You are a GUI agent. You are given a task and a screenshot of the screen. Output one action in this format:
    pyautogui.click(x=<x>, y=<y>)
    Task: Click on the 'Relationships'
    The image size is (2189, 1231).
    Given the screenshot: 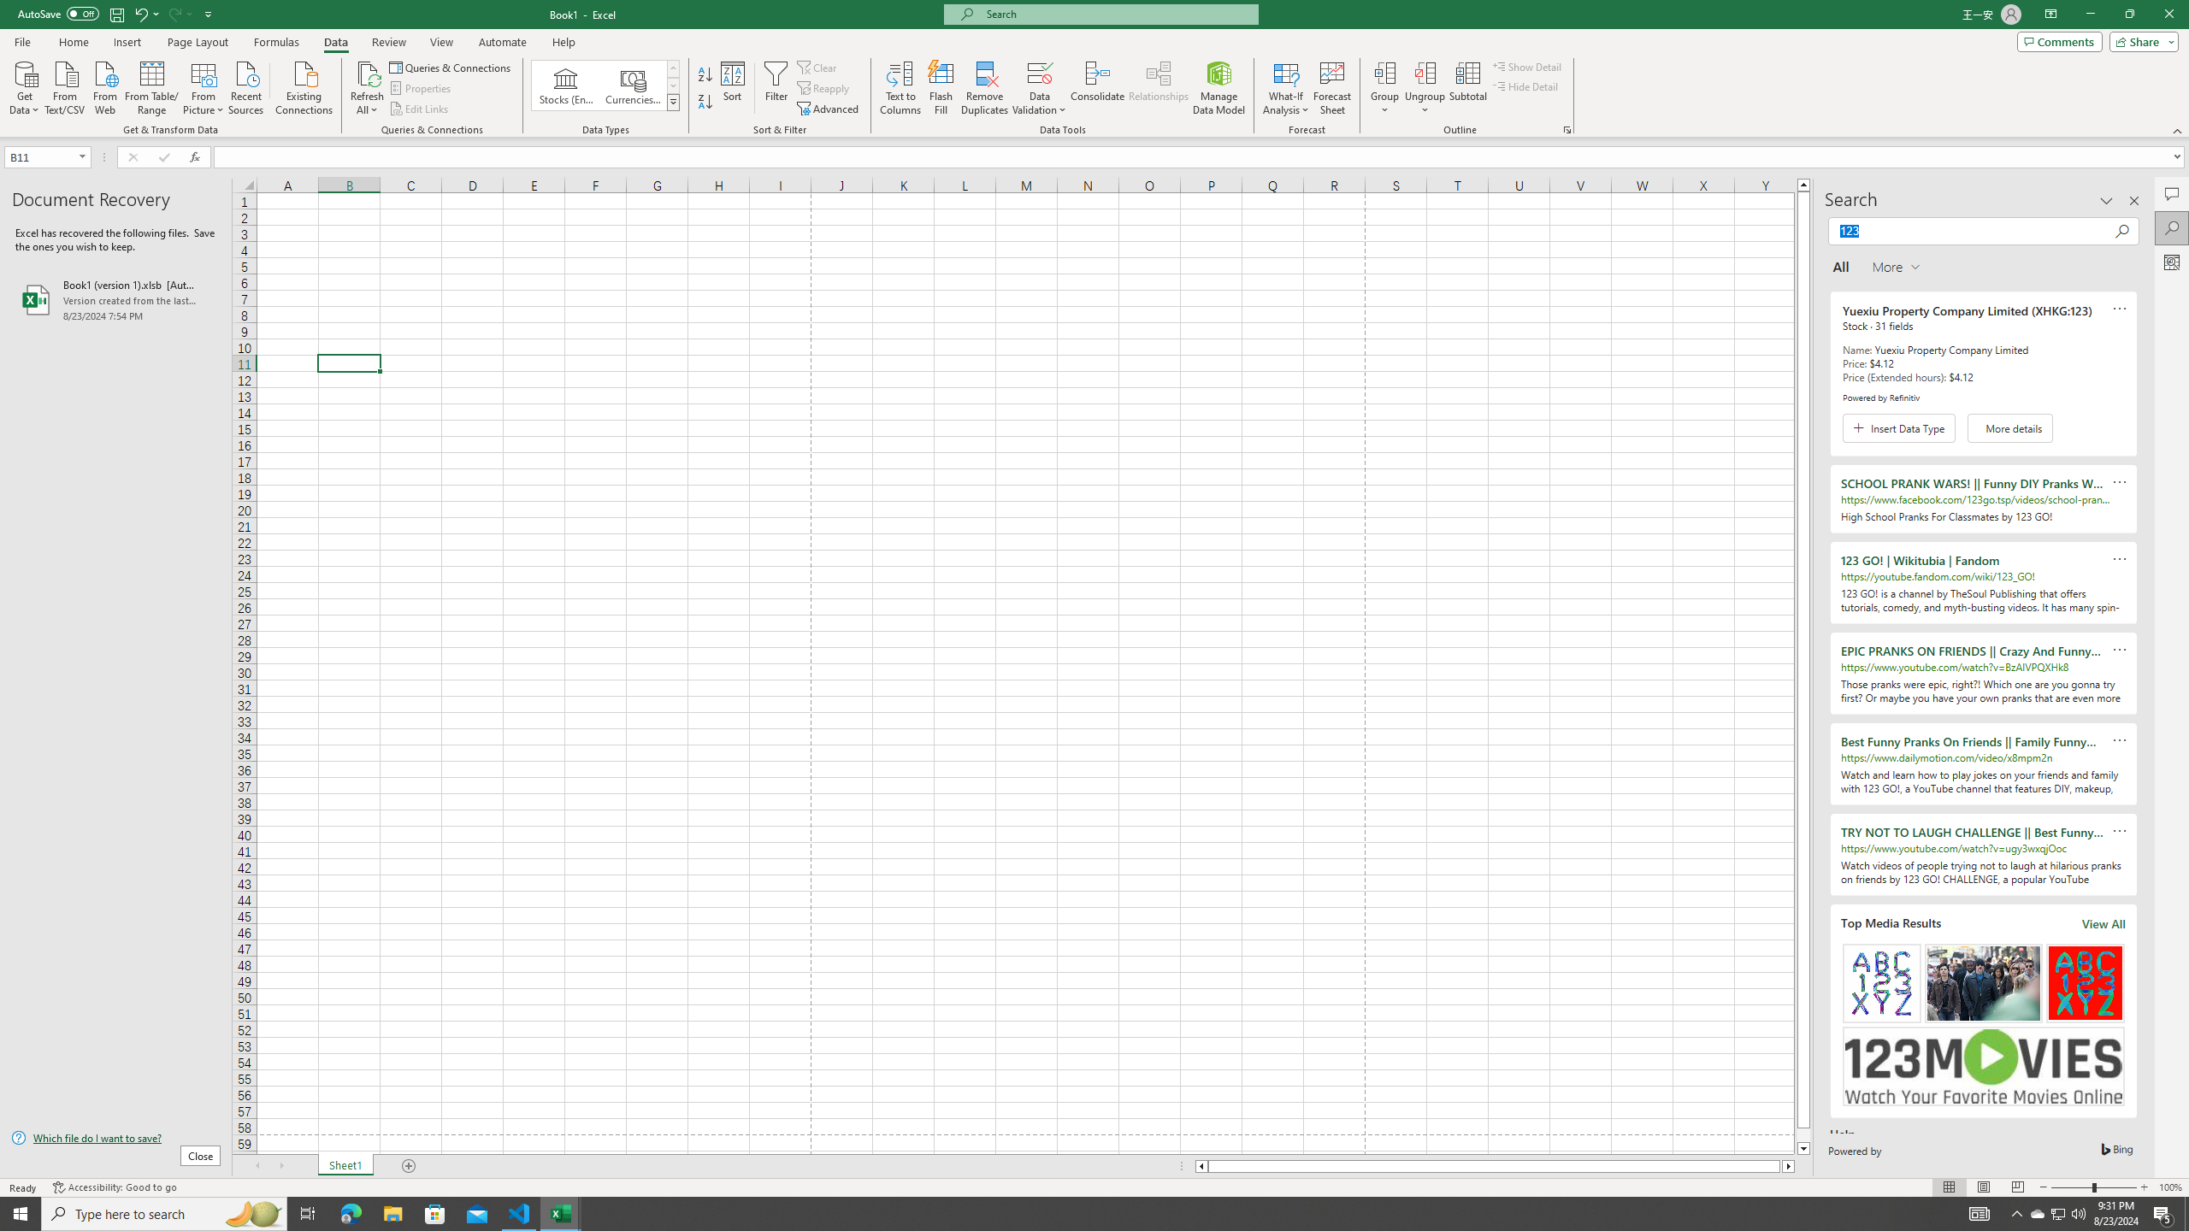 What is the action you would take?
    pyautogui.click(x=1158, y=88)
    